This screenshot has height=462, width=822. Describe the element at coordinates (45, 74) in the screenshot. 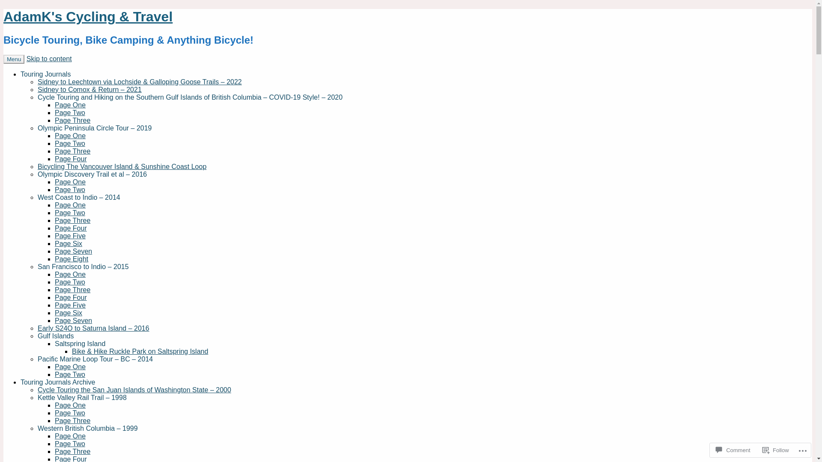

I see `'Touring Journals'` at that location.